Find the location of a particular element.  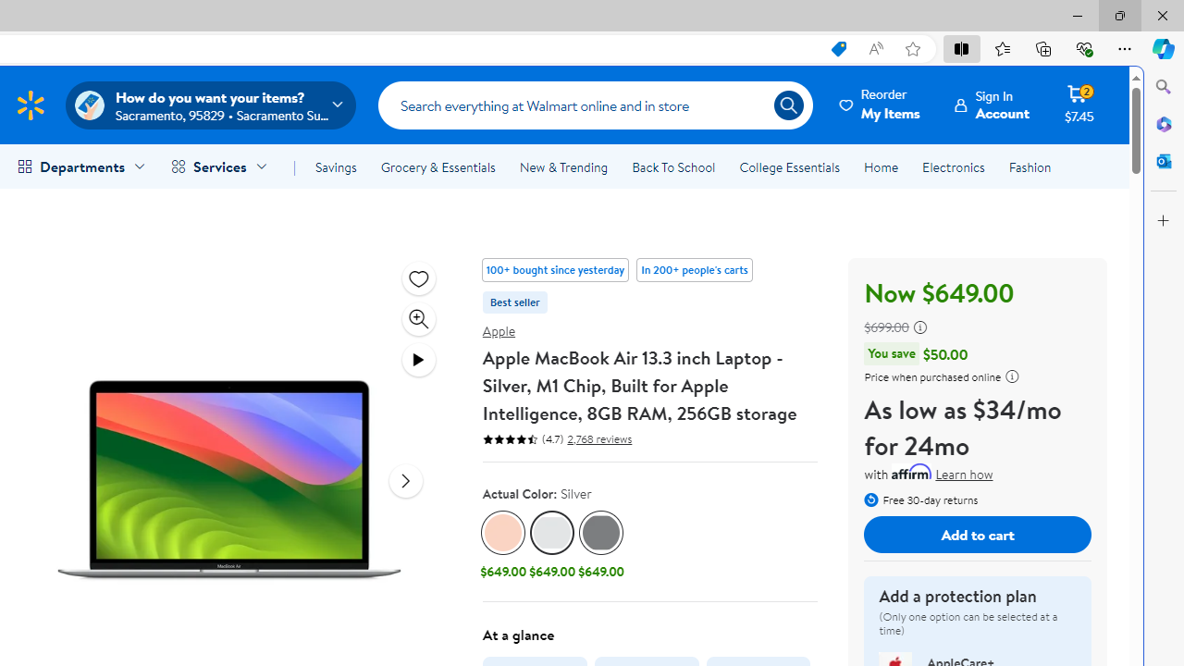

'Fashion' is located at coordinates (1029, 167).